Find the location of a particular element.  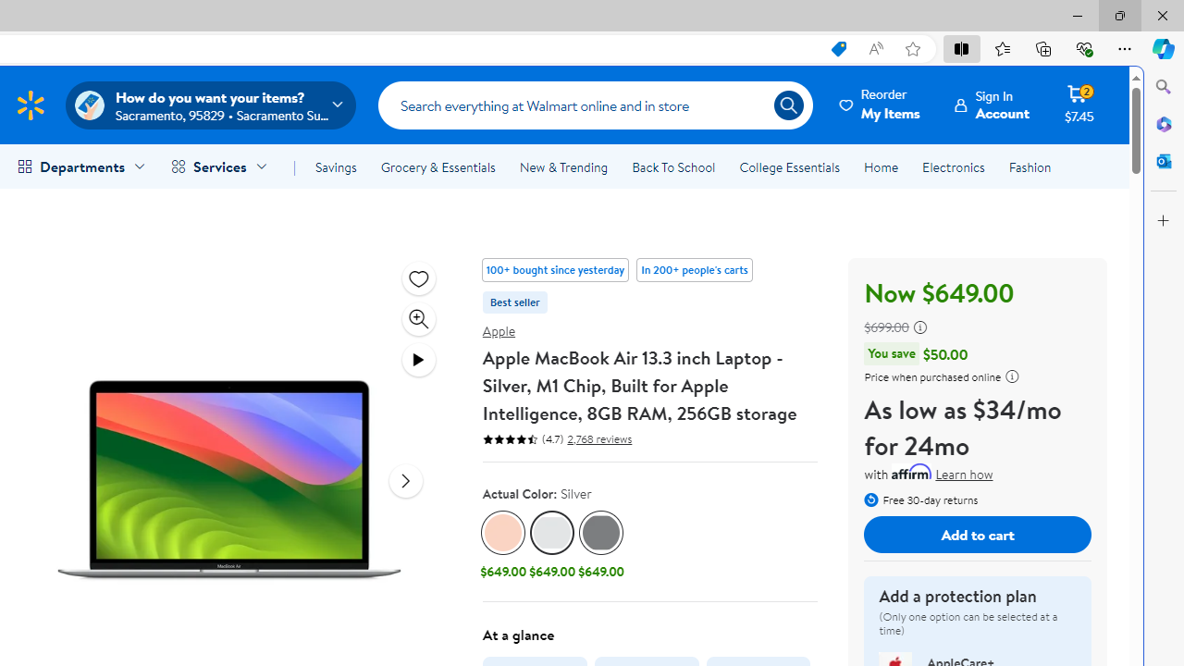

'Fashion' is located at coordinates (1029, 167).